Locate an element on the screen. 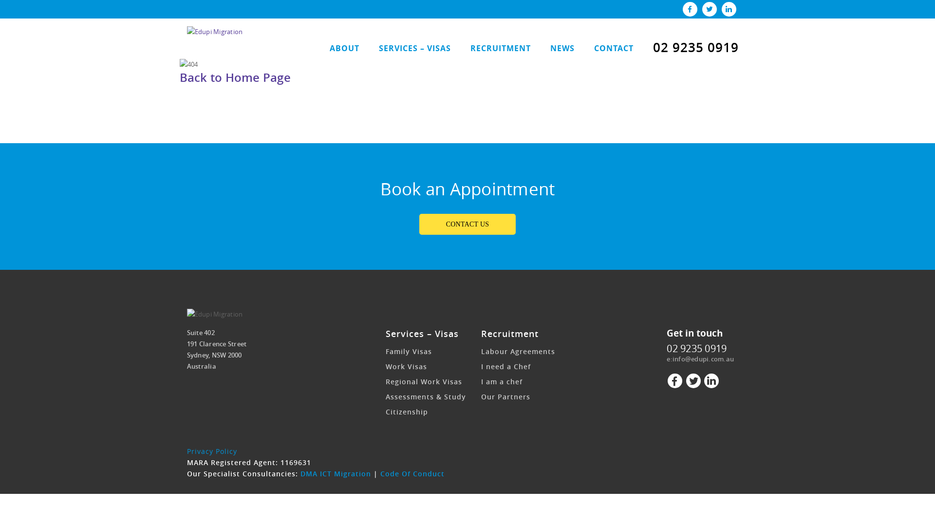 Image resolution: width=935 pixels, height=526 pixels. 'RECRUITMENT' is located at coordinates (500, 49).